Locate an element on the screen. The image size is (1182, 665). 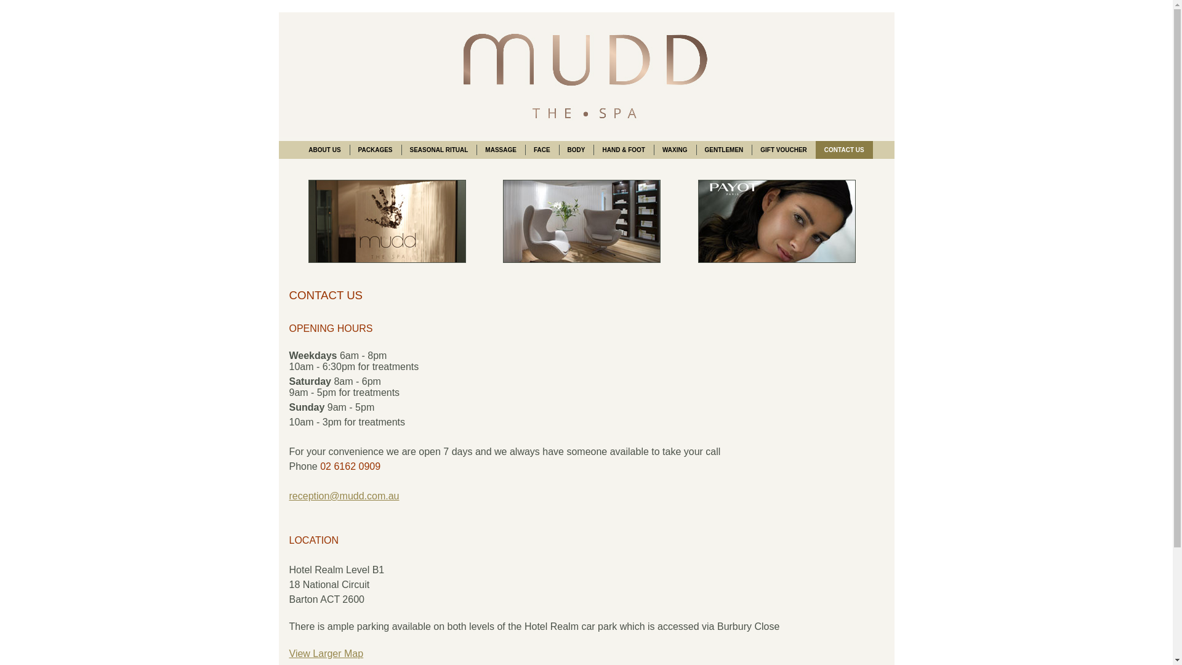
'PACKAGES' is located at coordinates (374, 149).